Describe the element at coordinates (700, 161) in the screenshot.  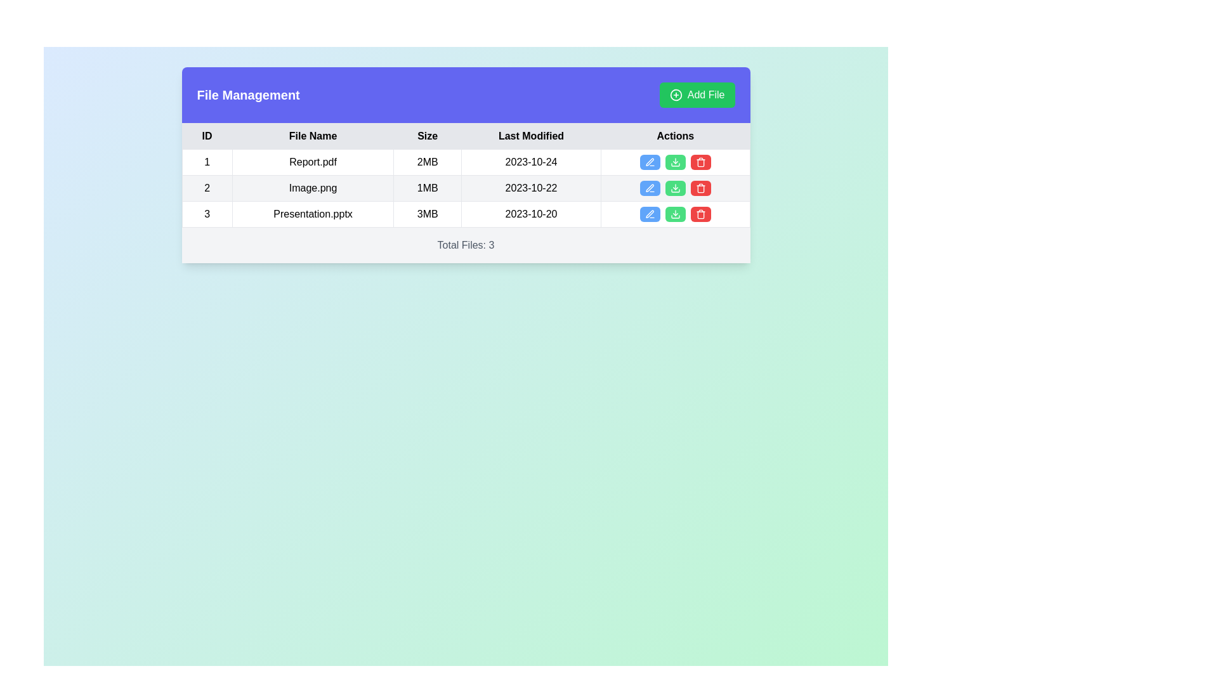
I see `the red trash can button located in the 'Actions' column of the table` at that location.